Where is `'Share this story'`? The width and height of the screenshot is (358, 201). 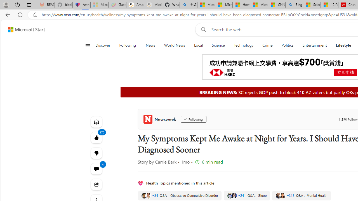
'Share this story' is located at coordinates (96, 184).